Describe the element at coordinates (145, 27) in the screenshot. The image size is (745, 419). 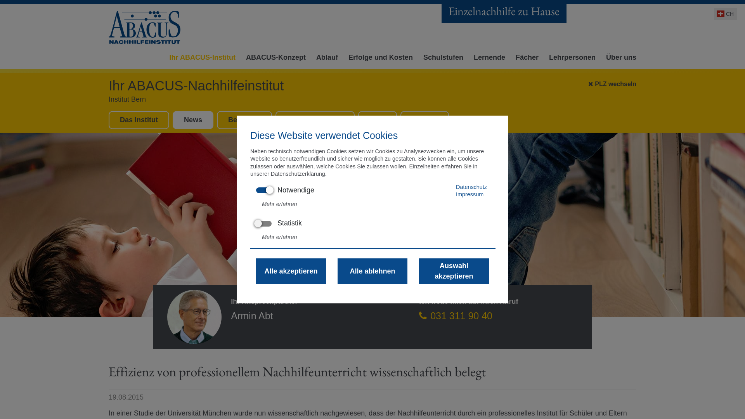
I see `'  ABACUS-Nachhilfeinstitut'` at that location.